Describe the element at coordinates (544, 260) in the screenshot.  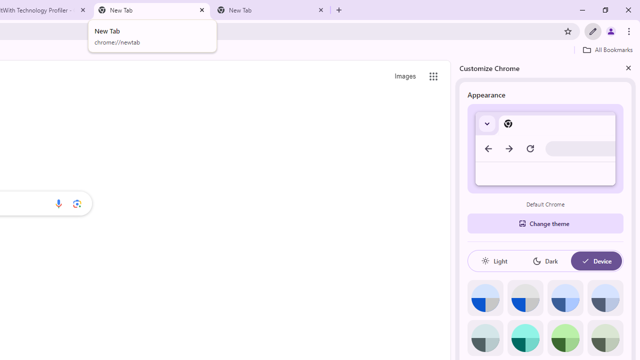
I see `'Dark'` at that location.